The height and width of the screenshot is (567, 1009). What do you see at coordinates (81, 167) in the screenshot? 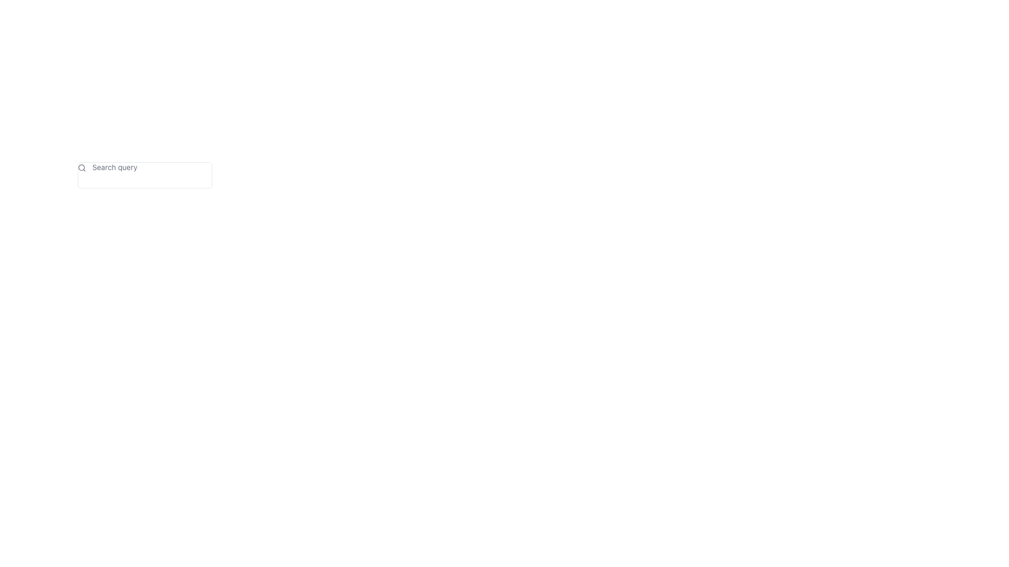
I see `the magnifying glass icon to initiate a search operation, which is positioned to the left of the 'Search query' text label` at bounding box center [81, 167].